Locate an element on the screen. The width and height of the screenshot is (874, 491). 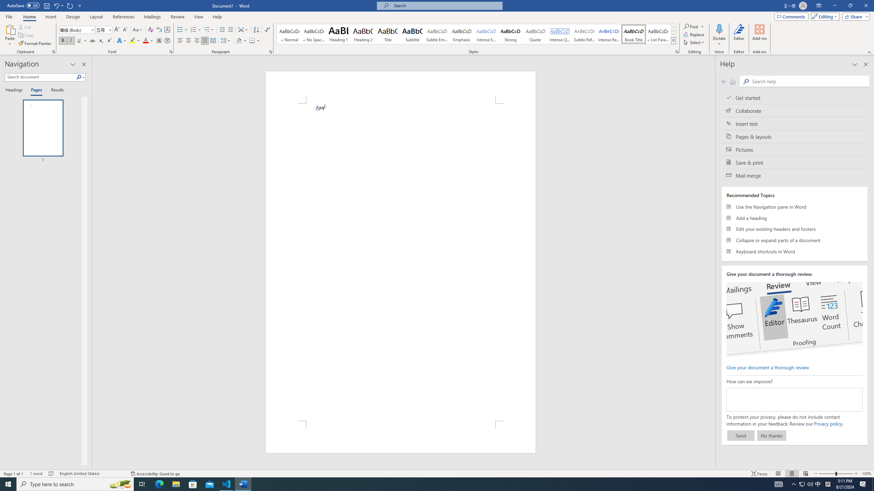
'Page 1 content' is located at coordinates (400, 262).